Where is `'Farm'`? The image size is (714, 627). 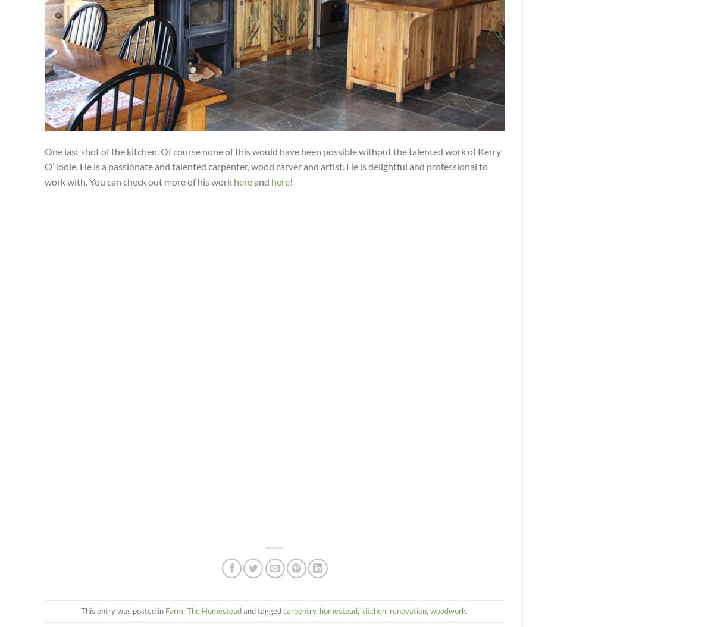 'Farm' is located at coordinates (174, 609).